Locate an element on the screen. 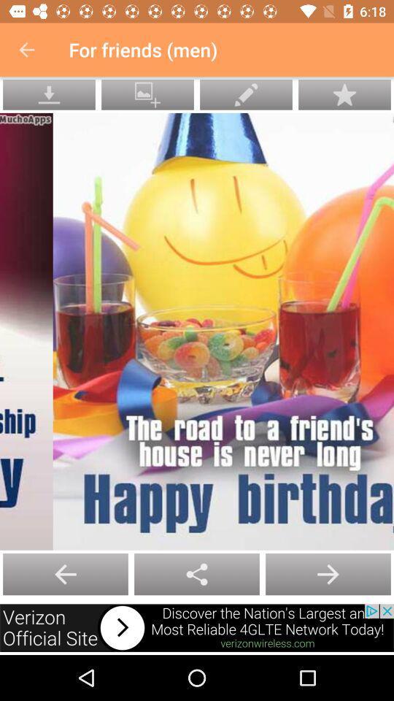 This screenshot has width=394, height=701. the star icon is located at coordinates (344, 93).